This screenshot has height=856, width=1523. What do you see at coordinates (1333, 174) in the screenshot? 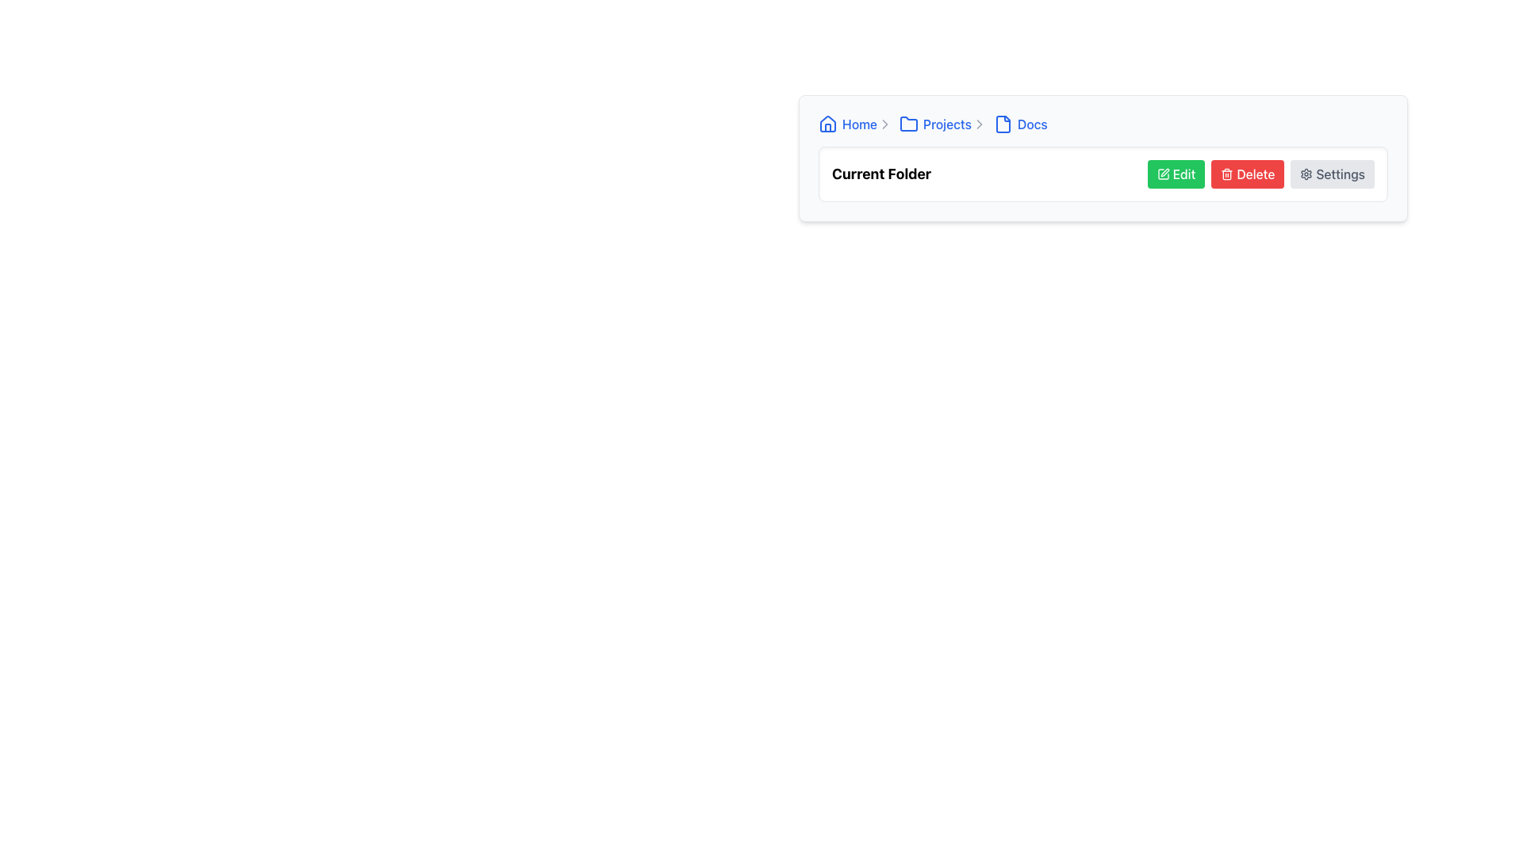
I see `the settings button, which is the third button in a horizontal group of action buttons adjacent to the 'Delete' button, to change its appearance` at bounding box center [1333, 174].